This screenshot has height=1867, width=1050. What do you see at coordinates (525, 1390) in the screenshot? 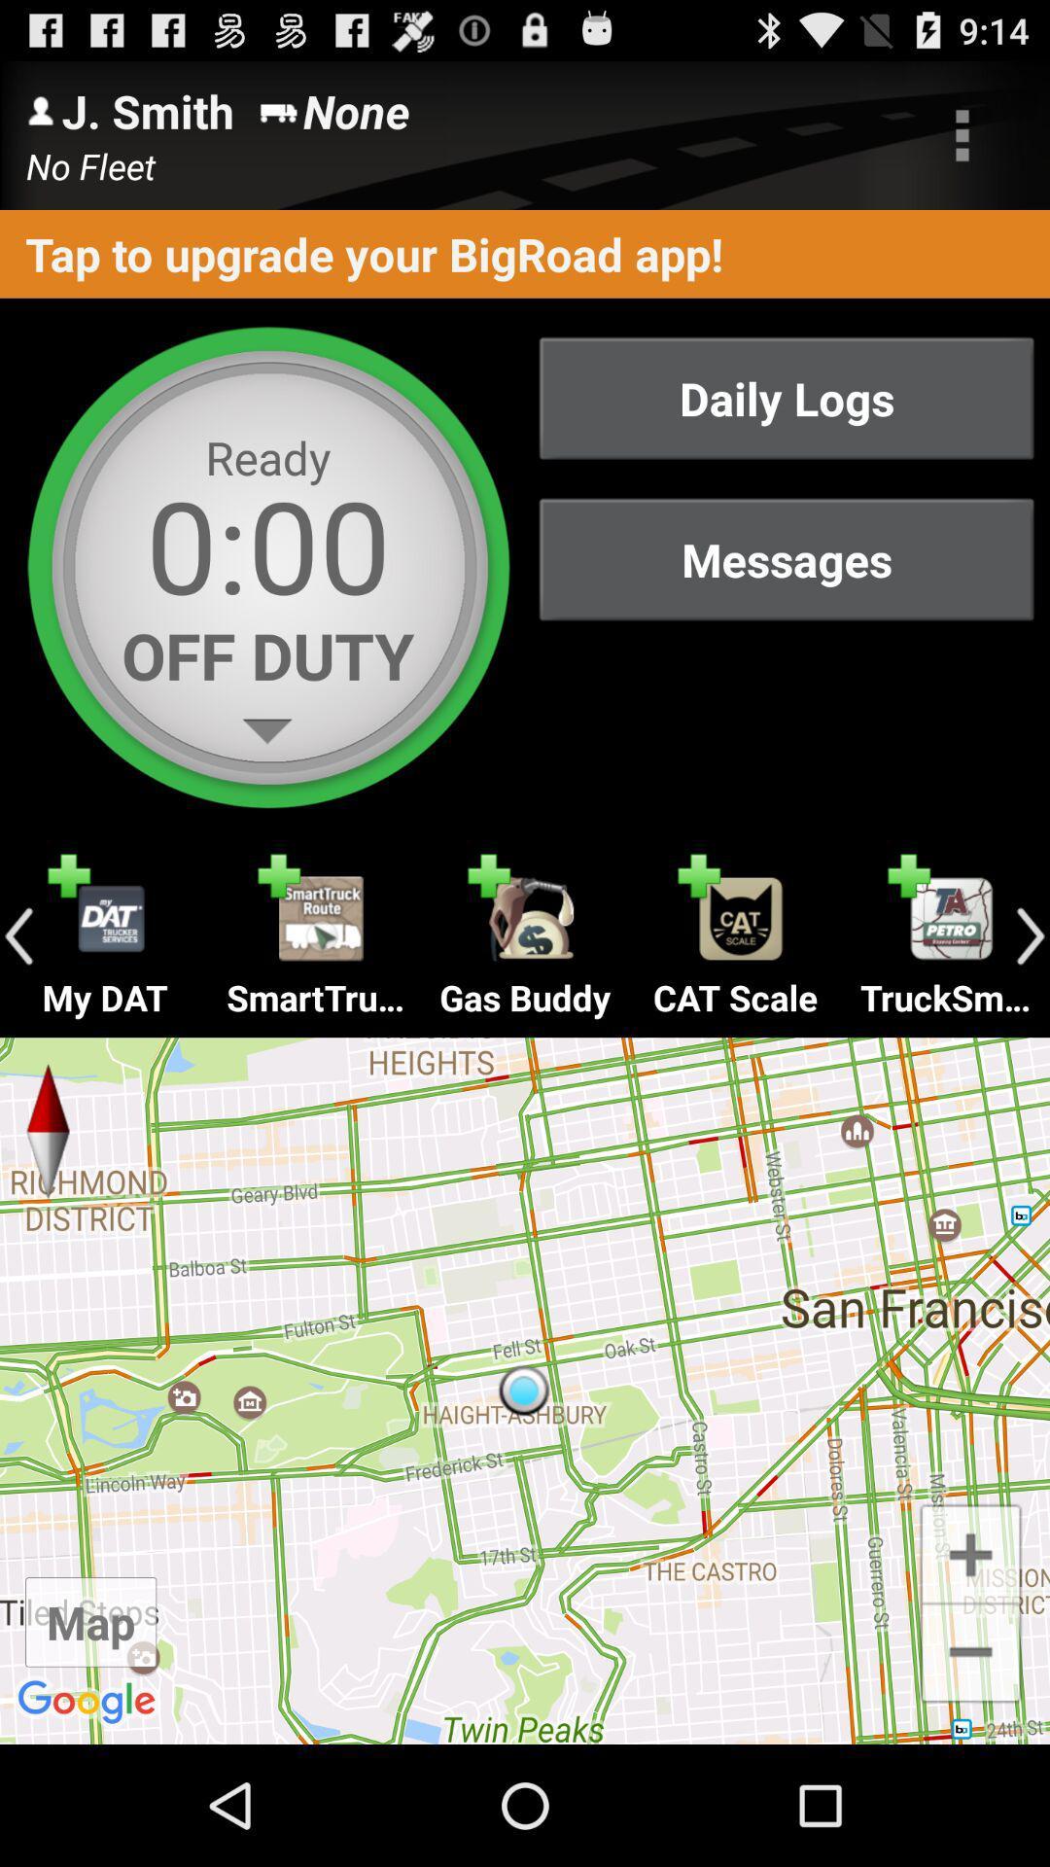
I see `item at the bottom` at bounding box center [525, 1390].